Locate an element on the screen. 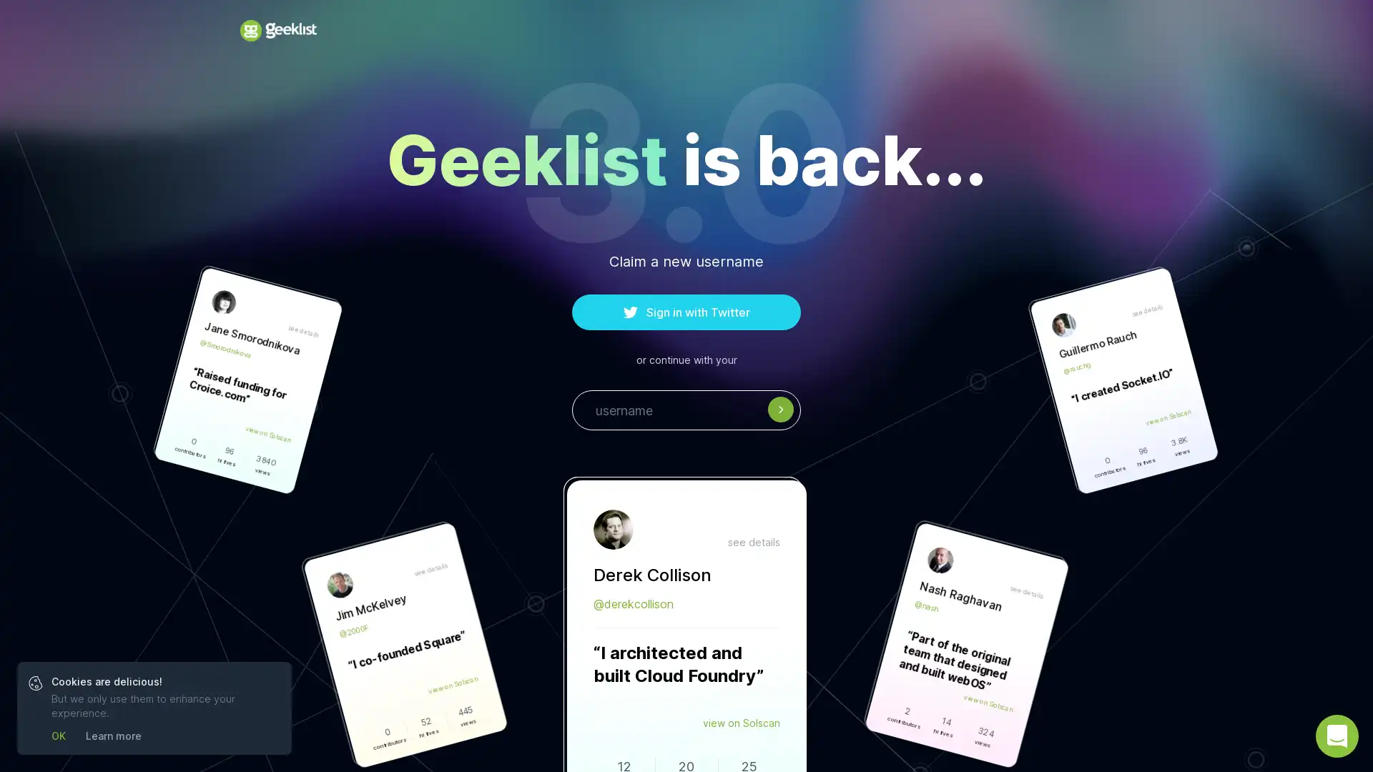 This screenshot has height=772, width=1373. Sign in with Twitter is located at coordinates (686, 311).